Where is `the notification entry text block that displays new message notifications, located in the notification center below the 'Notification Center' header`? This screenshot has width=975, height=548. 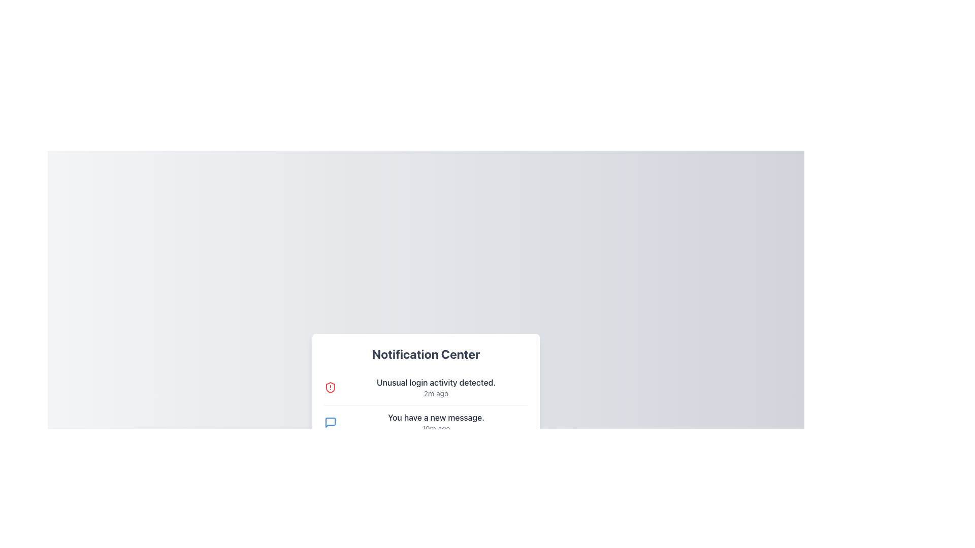 the notification entry text block that displays new message notifications, located in the notification center below the 'Notification Center' header is located at coordinates (436, 423).